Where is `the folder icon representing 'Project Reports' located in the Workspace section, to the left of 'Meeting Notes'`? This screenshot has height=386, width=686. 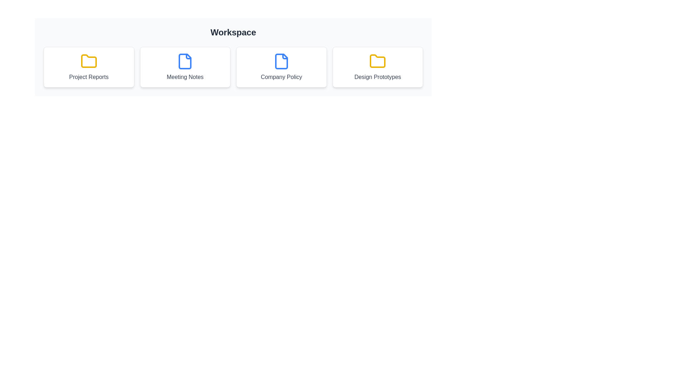 the folder icon representing 'Project Reports' located in the Workspace section, to the left of 'Meeting Notes' is located at coordinates (88, 60).